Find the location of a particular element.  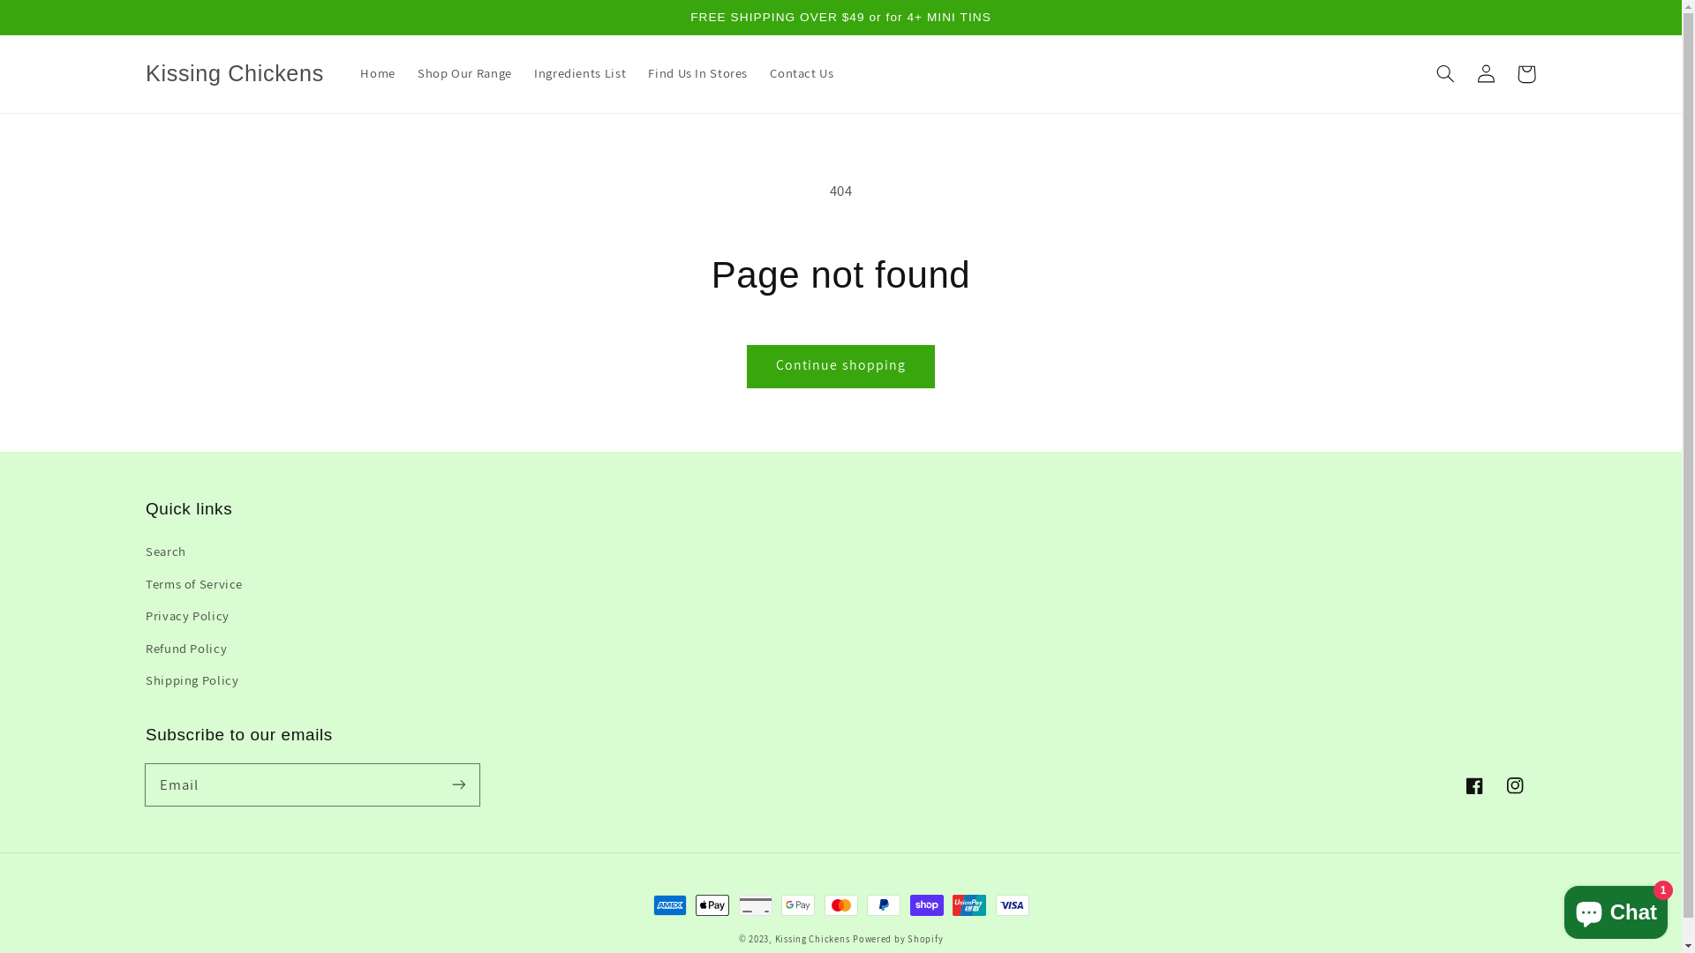

'Ingredients List' is located at coordinates (579, 73).